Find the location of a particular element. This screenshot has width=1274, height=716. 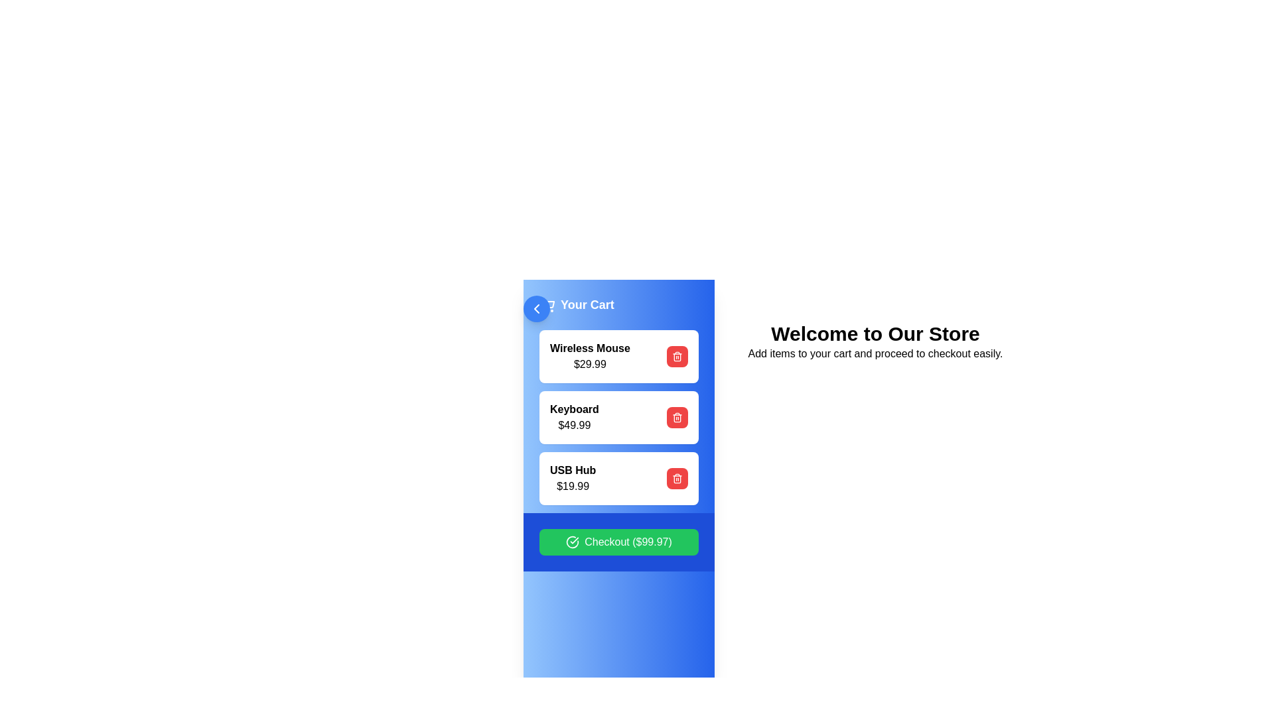

product details from the text block displaying the name 'Keyboard' and price '$49.99', located in the middle of the cart interface is located at coordinates (574, 416).